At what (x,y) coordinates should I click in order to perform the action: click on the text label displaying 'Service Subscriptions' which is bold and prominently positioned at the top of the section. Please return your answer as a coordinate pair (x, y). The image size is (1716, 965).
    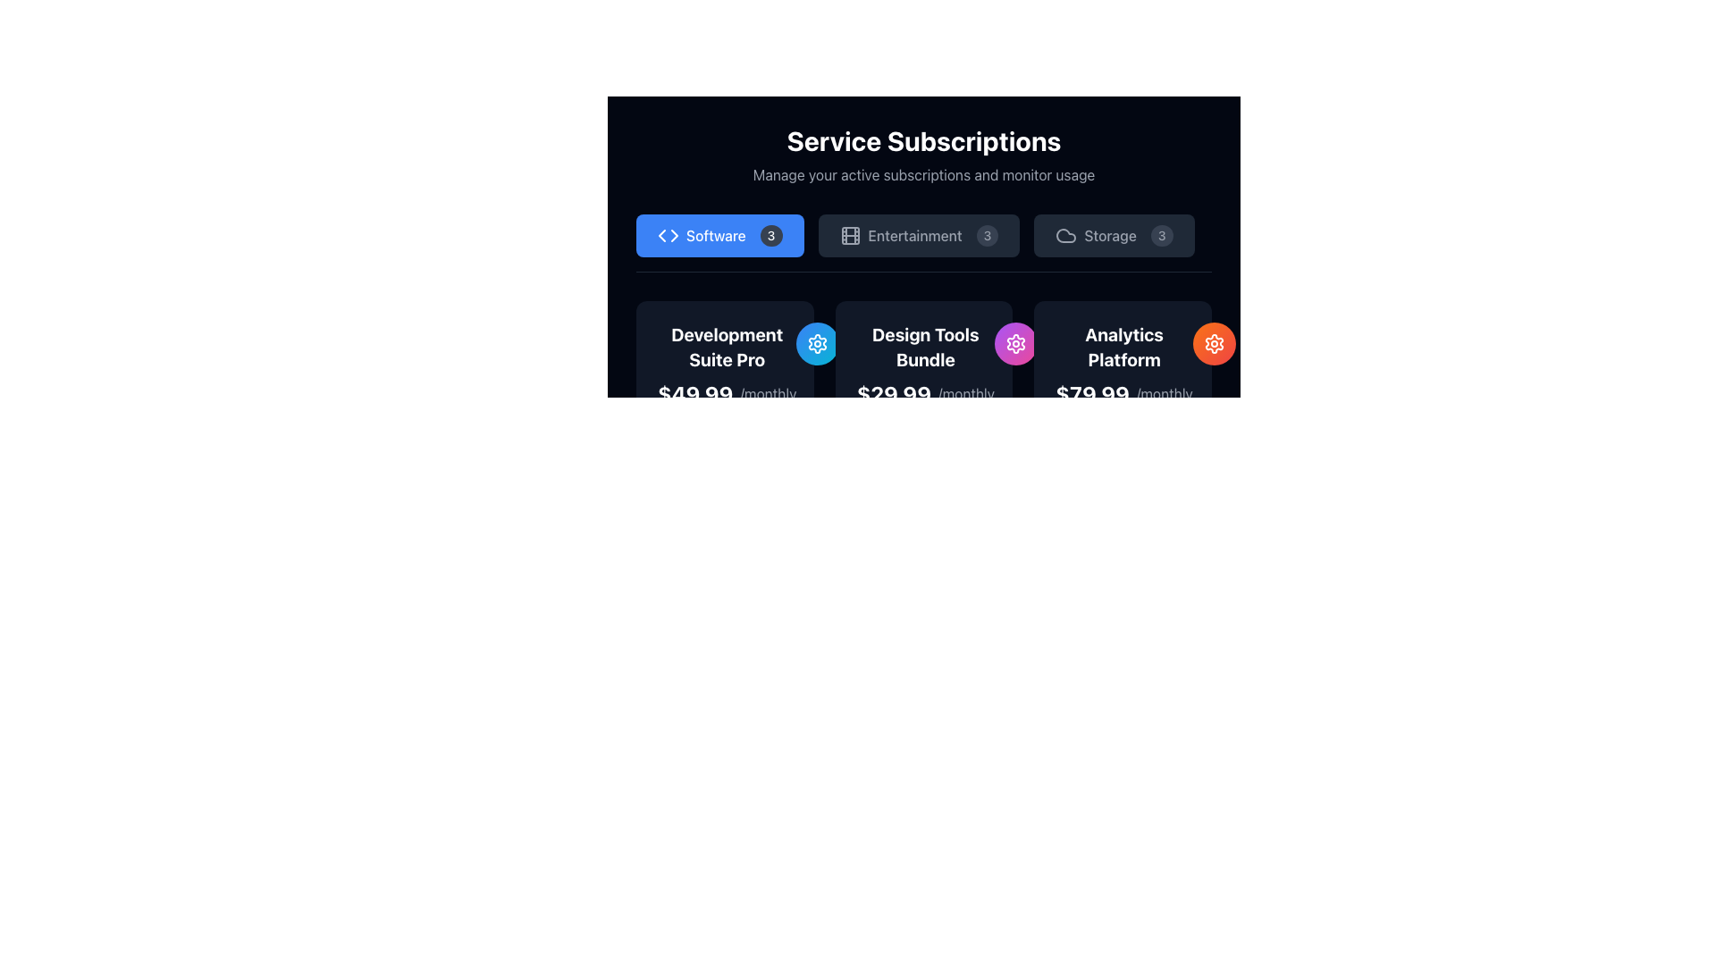
    Looking at the image, I should click on (923, 140).